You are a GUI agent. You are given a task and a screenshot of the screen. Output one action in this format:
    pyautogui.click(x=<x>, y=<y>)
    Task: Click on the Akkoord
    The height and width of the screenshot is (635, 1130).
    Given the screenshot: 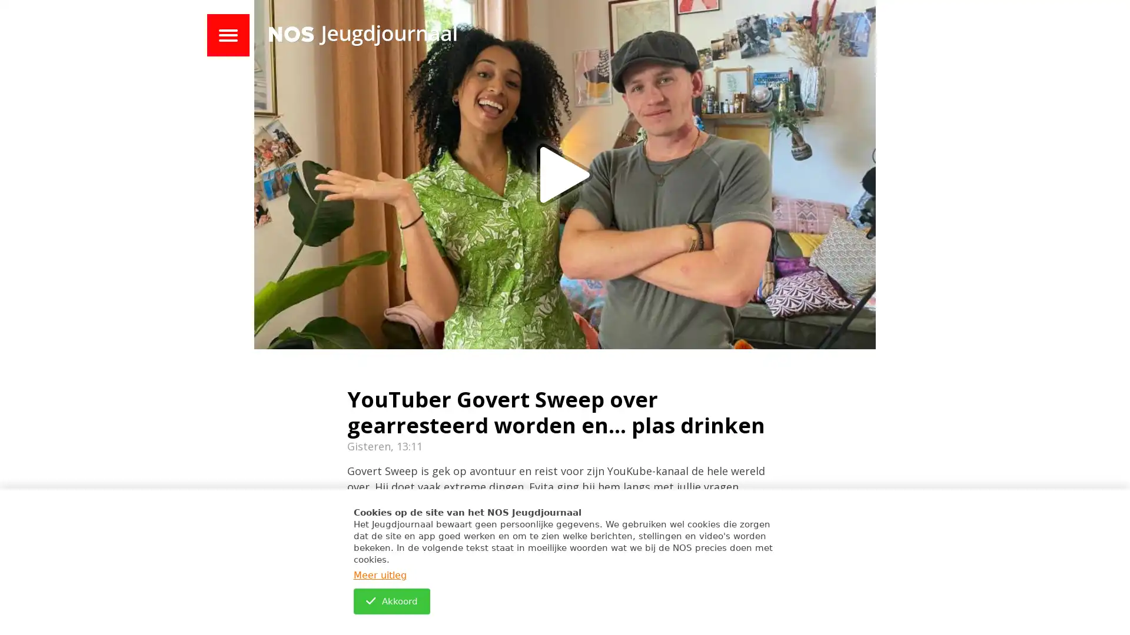 What is the action you would take?
    pyautogui.click(x=391, y=601)
    